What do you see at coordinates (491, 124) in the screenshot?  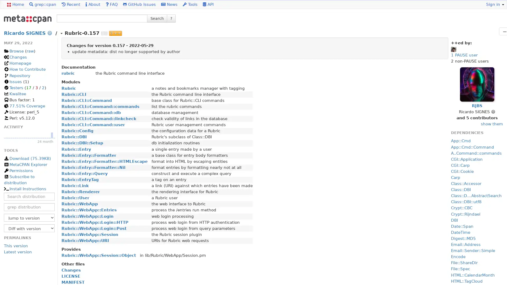 I see `show them` at bounding box center [491, 124].